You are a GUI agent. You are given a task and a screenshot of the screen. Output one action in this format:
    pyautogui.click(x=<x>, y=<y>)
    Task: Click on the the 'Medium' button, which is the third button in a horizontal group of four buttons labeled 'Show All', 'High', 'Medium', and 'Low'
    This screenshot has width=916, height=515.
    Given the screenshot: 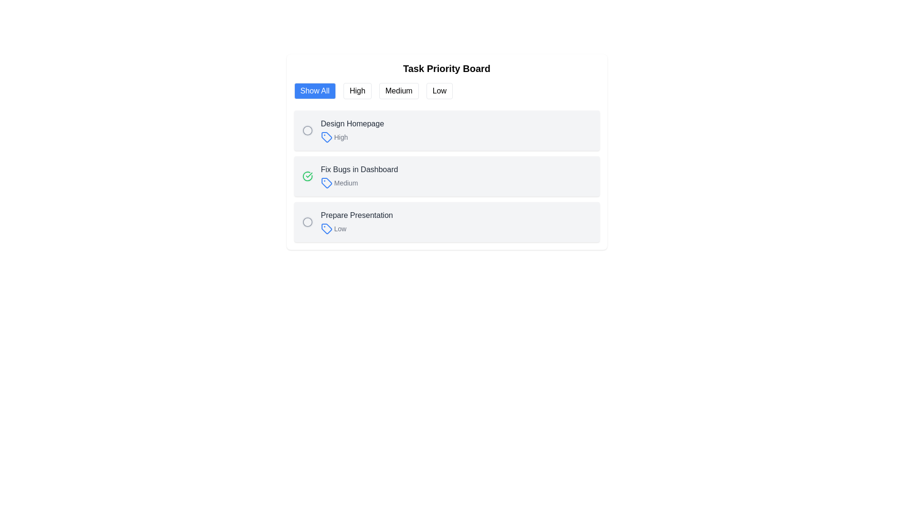 What is the action you would take?
    pyautogui.click(x=399, y=91)
    